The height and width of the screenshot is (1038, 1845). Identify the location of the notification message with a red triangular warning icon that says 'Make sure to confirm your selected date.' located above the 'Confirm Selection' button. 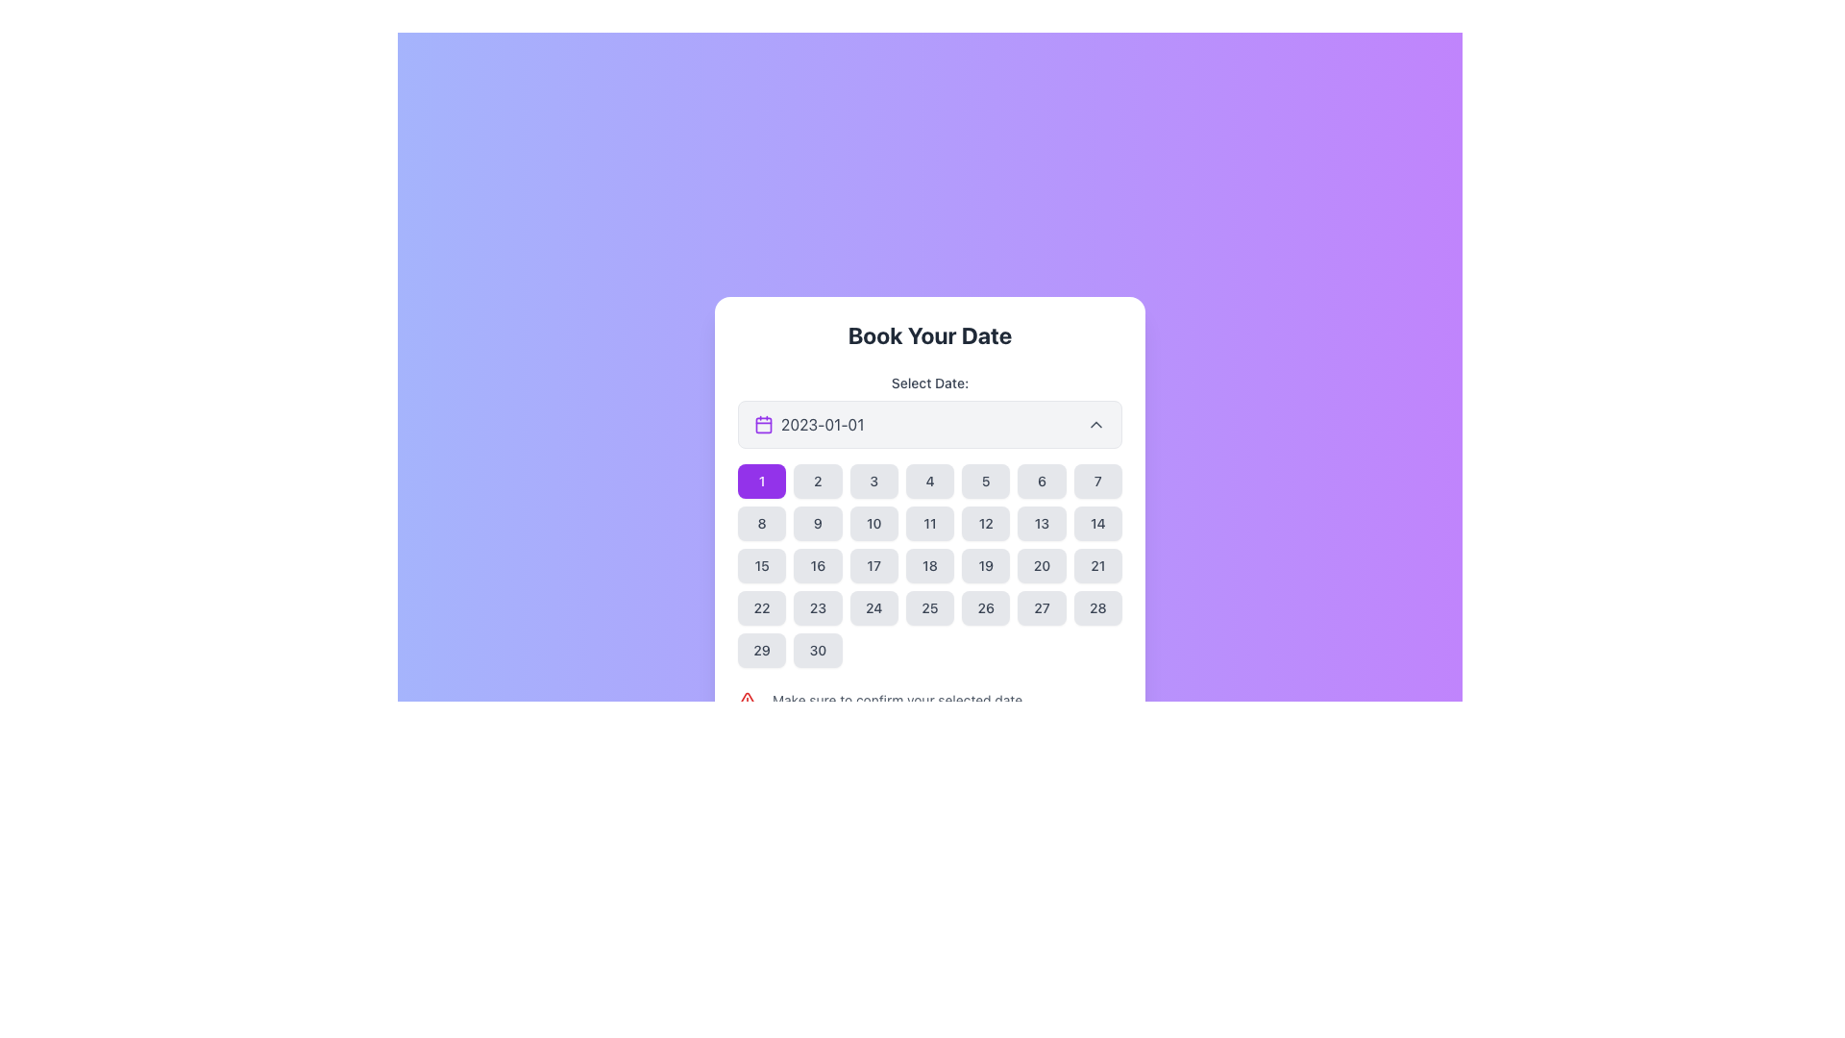
(930, 701).